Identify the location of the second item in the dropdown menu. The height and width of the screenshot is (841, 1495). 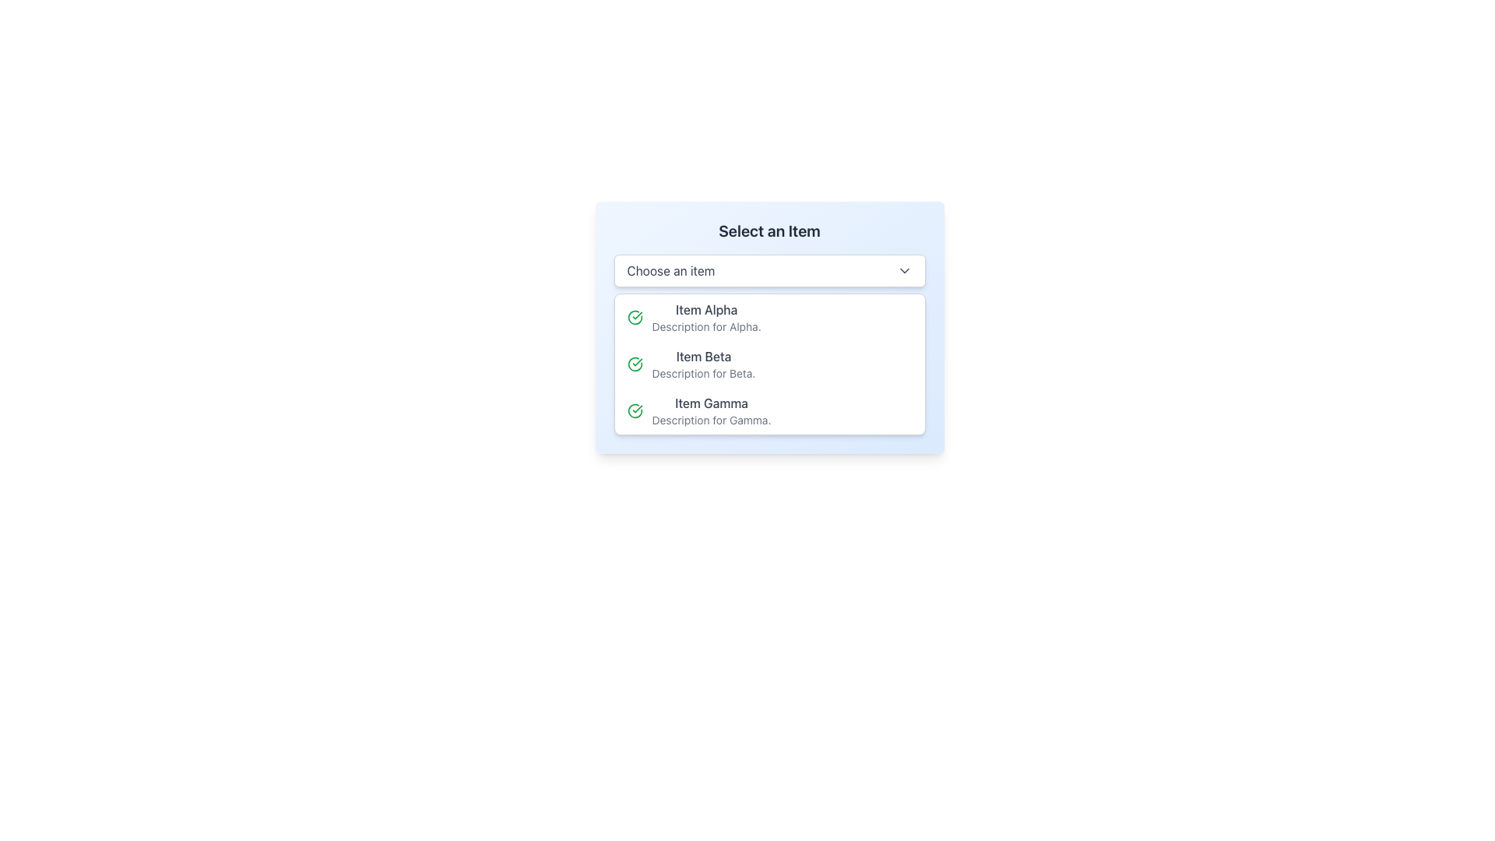
(702, 364).